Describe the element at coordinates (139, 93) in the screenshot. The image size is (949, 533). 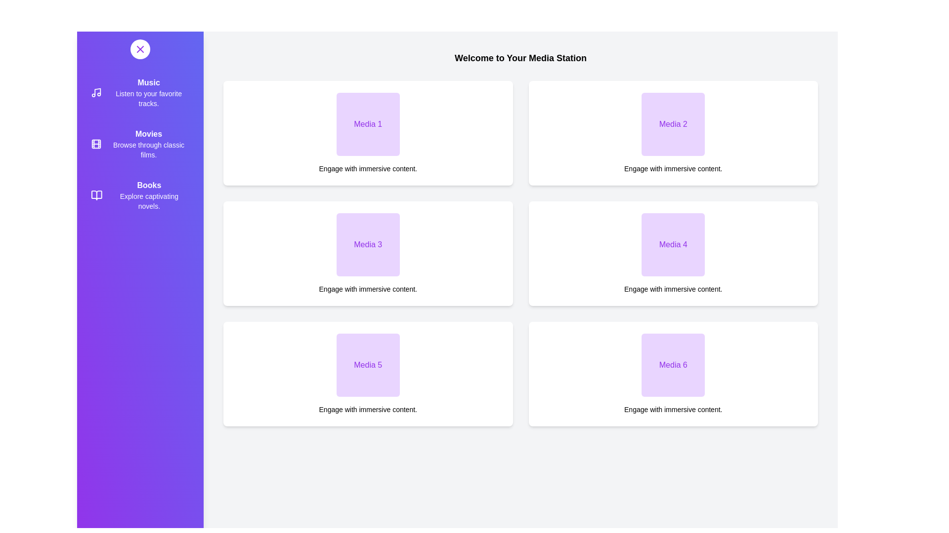
I see `the media category Music to view its description` at that location.